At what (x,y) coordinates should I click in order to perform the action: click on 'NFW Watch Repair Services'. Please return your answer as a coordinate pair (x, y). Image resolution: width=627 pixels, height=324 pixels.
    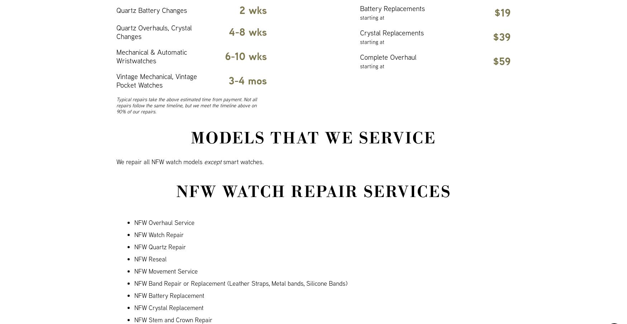
    Looking at the image, I should click on (313, 192).